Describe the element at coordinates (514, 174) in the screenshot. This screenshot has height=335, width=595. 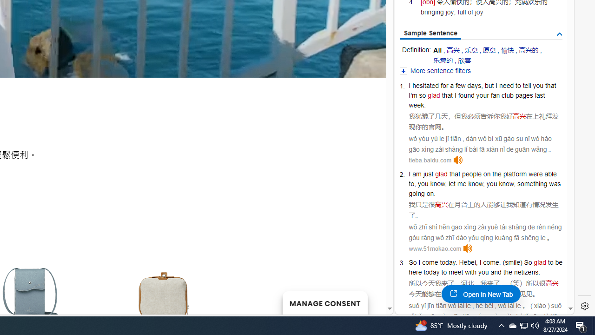
I see `'platform'` at that location.